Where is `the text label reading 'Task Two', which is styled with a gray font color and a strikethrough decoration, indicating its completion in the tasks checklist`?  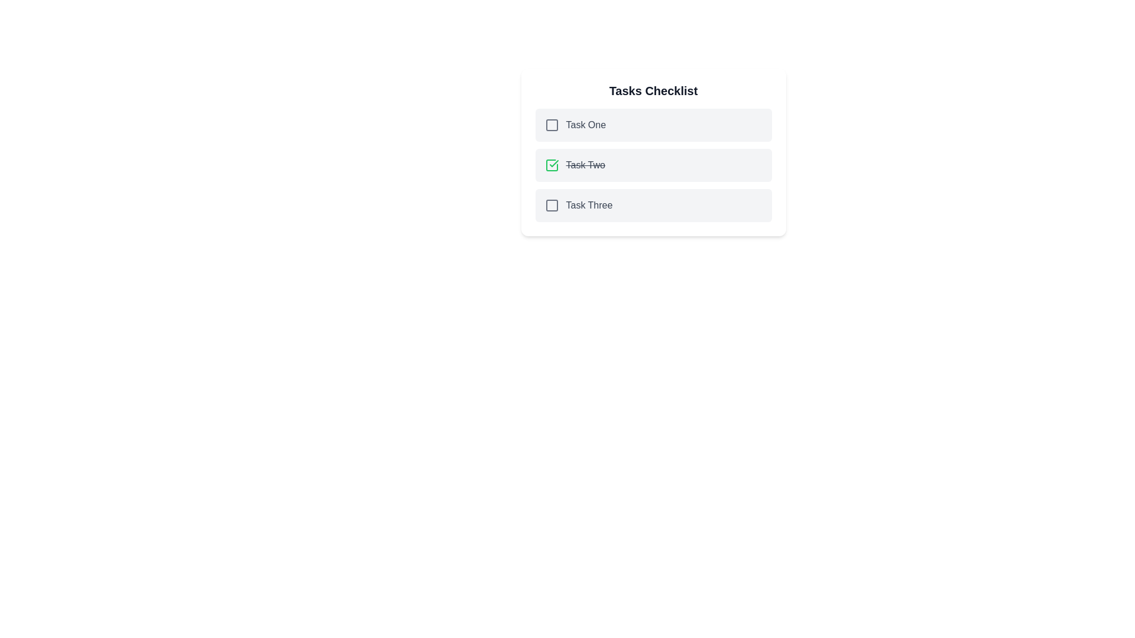 the text label reading 'Task Two', which is styled with a gray font color and a strikethrough decoration, indicating its completion in the tasks checklist is located at coordinates (585, 165).